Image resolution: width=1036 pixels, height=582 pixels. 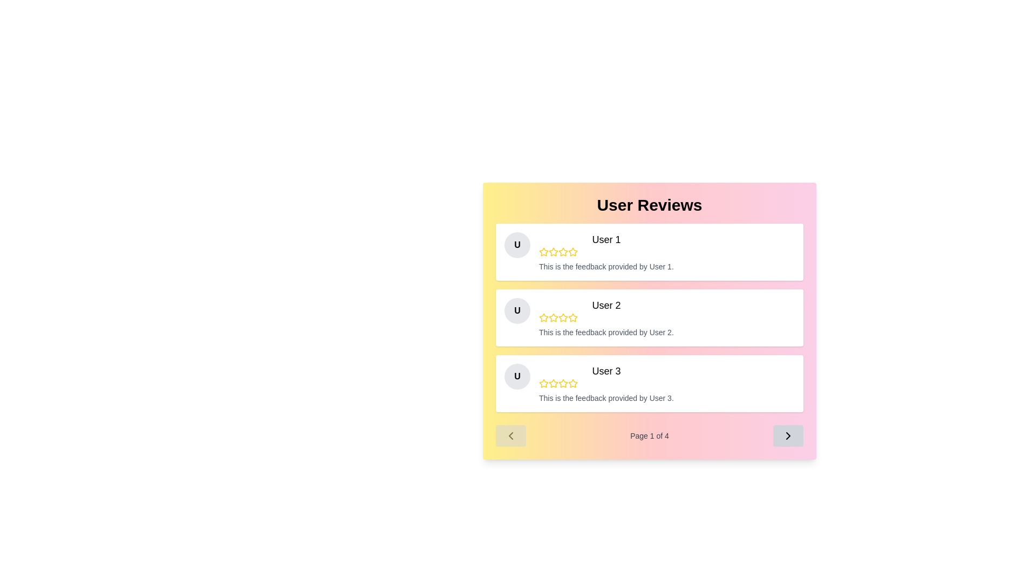 I want to click on the 'User 3' text label, so click(x=606, y=371).